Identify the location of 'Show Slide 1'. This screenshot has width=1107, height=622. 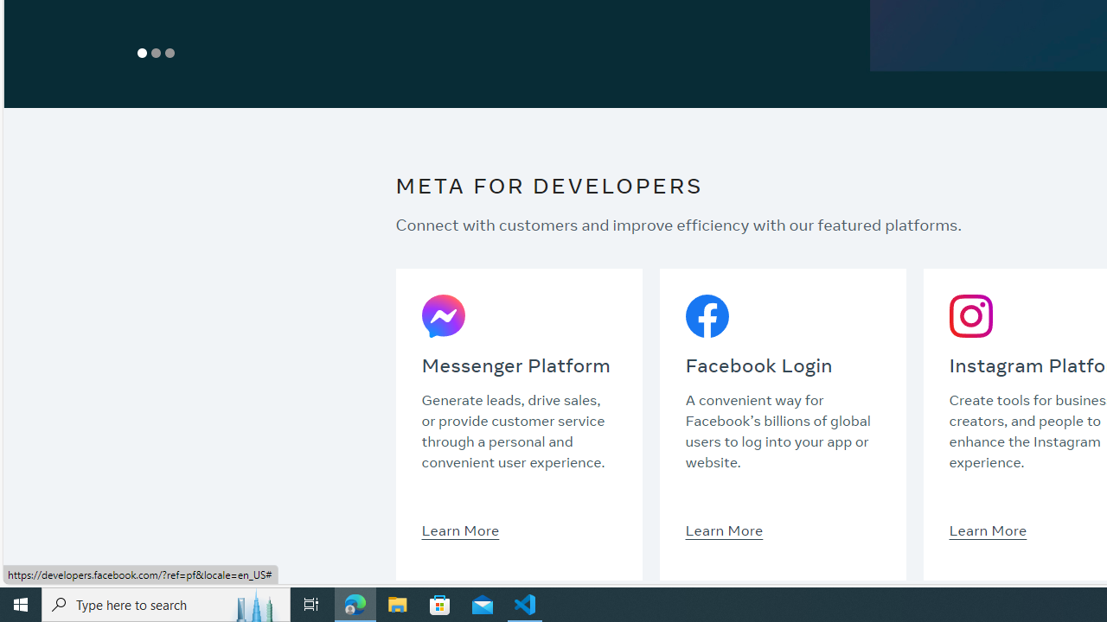
(143, 52).